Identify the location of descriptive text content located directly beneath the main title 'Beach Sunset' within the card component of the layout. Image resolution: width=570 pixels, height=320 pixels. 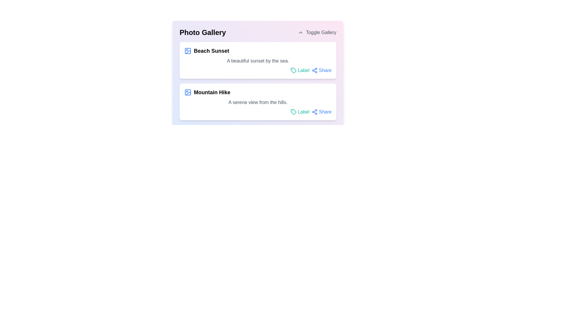
(258, 61).